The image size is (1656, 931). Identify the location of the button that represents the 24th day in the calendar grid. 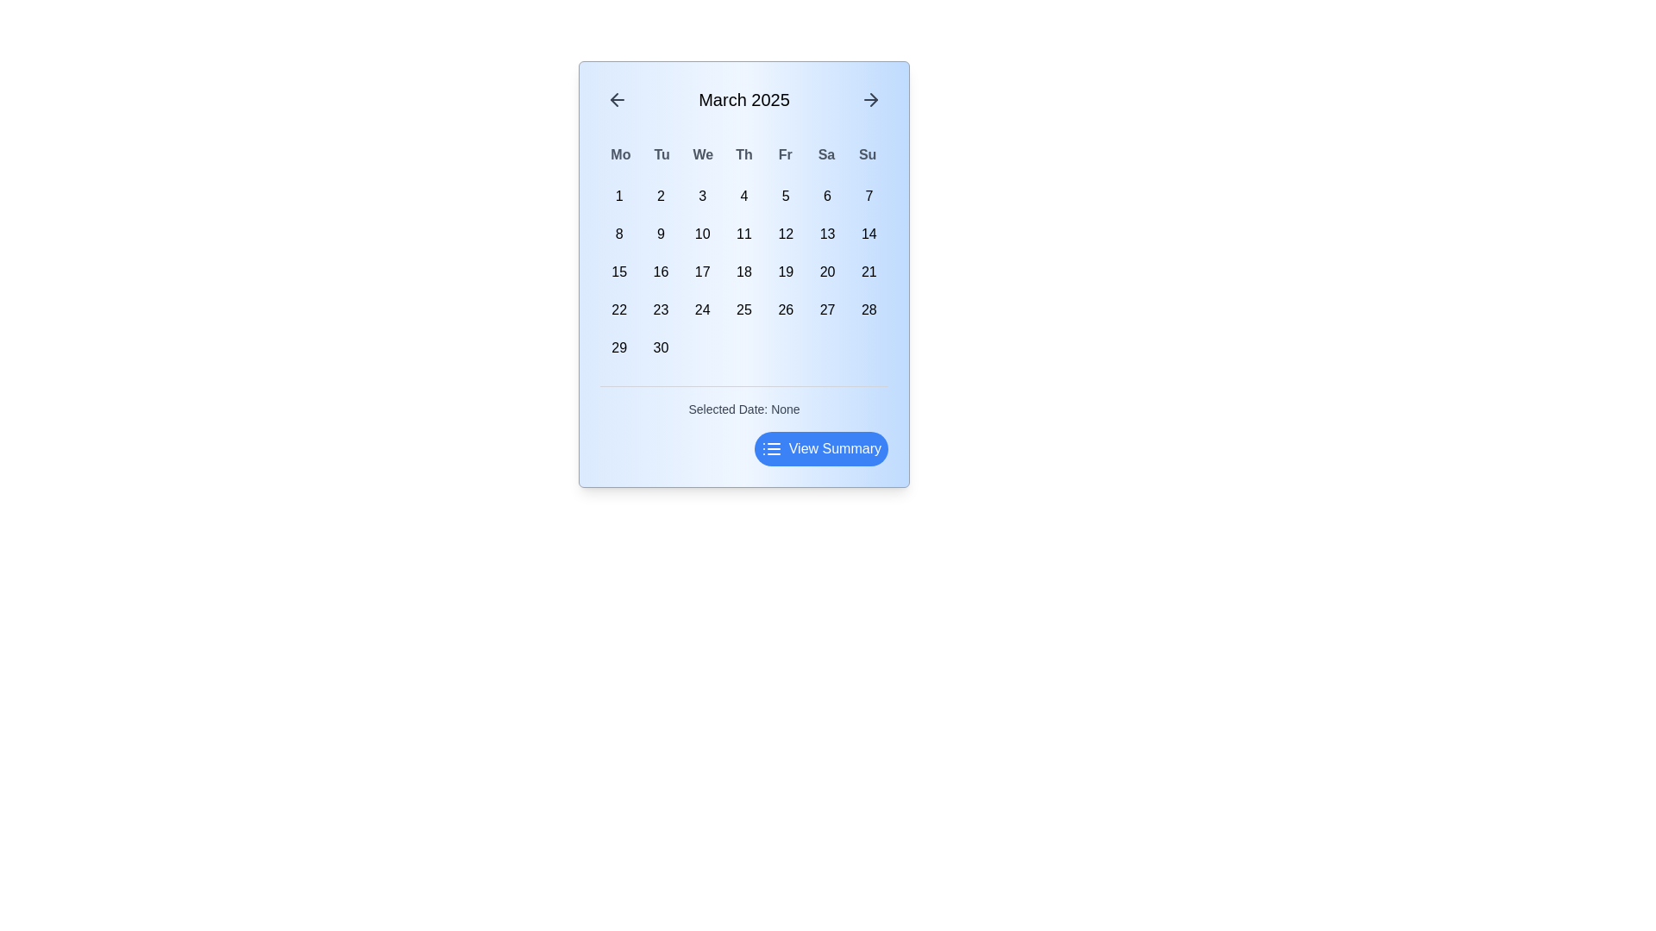
(702, 309).